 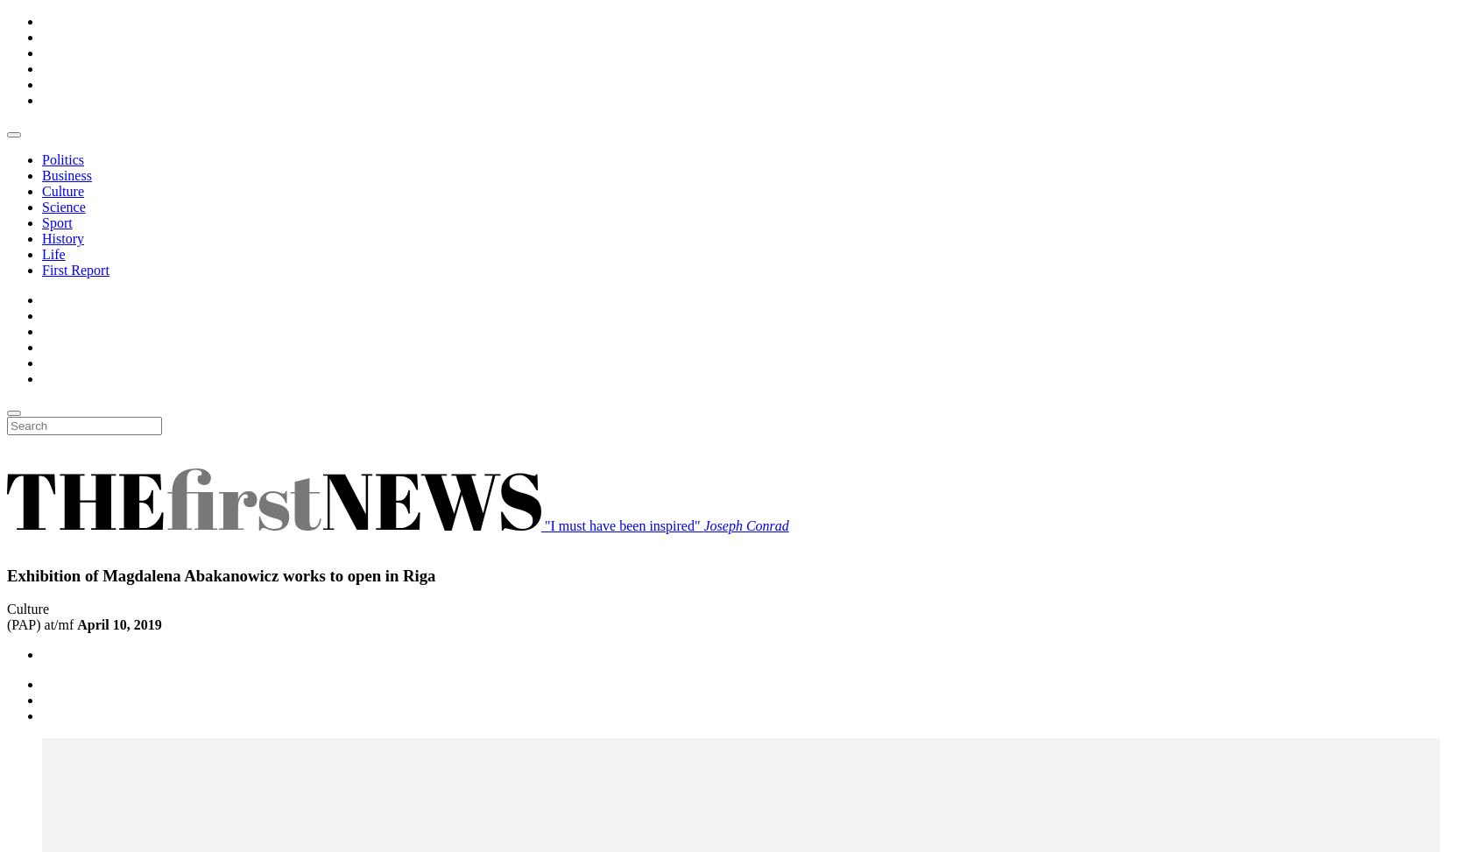 What do you see at coordinates (221, 574) in the screenshot?
I see `'Exhibition of Magdalena Abakanowicz works to open in Riga'` at bounding box center [221, 574].